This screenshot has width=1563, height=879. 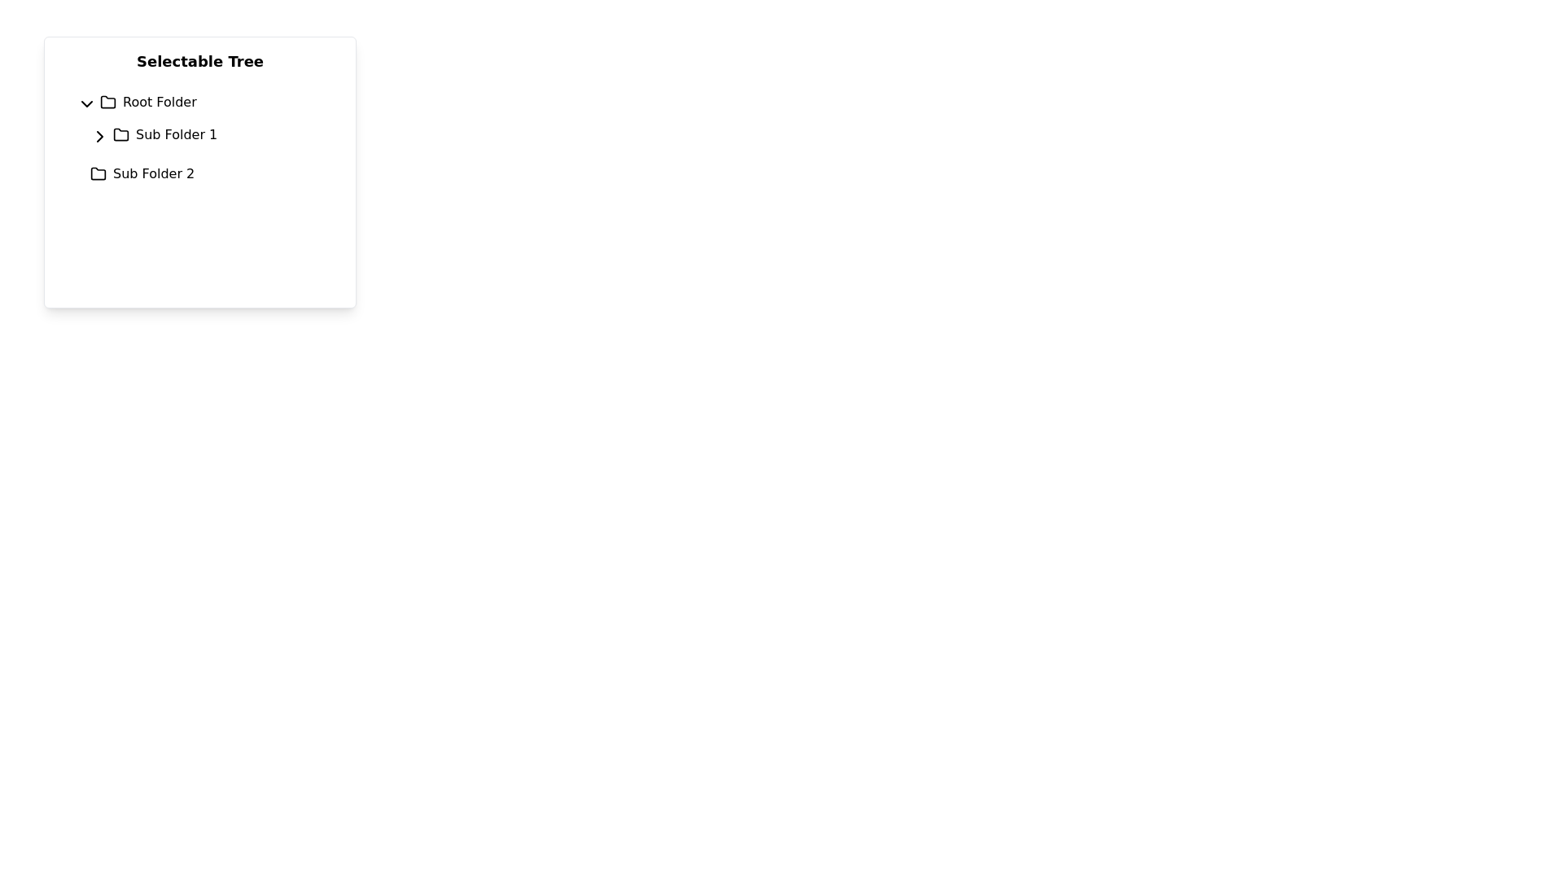 What do you see at coordinates (97, 173) in the screenshot?
I see `the closed folder icon representing 'Sub Folder 2' in the selectable tree interface` at bounding box center [97, 173].